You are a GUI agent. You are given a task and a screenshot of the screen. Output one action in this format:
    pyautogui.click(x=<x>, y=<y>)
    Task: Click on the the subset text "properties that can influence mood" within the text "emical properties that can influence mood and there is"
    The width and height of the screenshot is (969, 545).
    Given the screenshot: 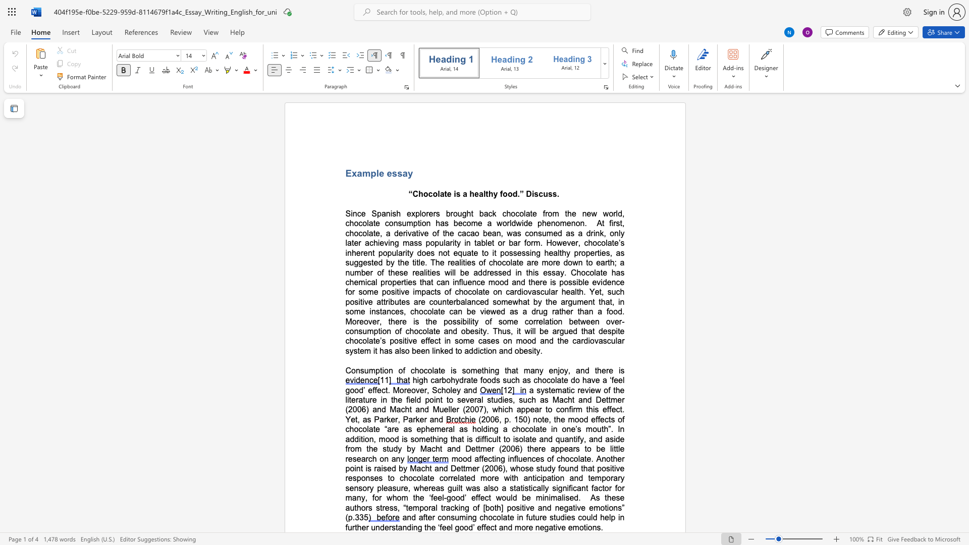 What is the action you would take?
    pyautogui.click(x=380, y=282)
    